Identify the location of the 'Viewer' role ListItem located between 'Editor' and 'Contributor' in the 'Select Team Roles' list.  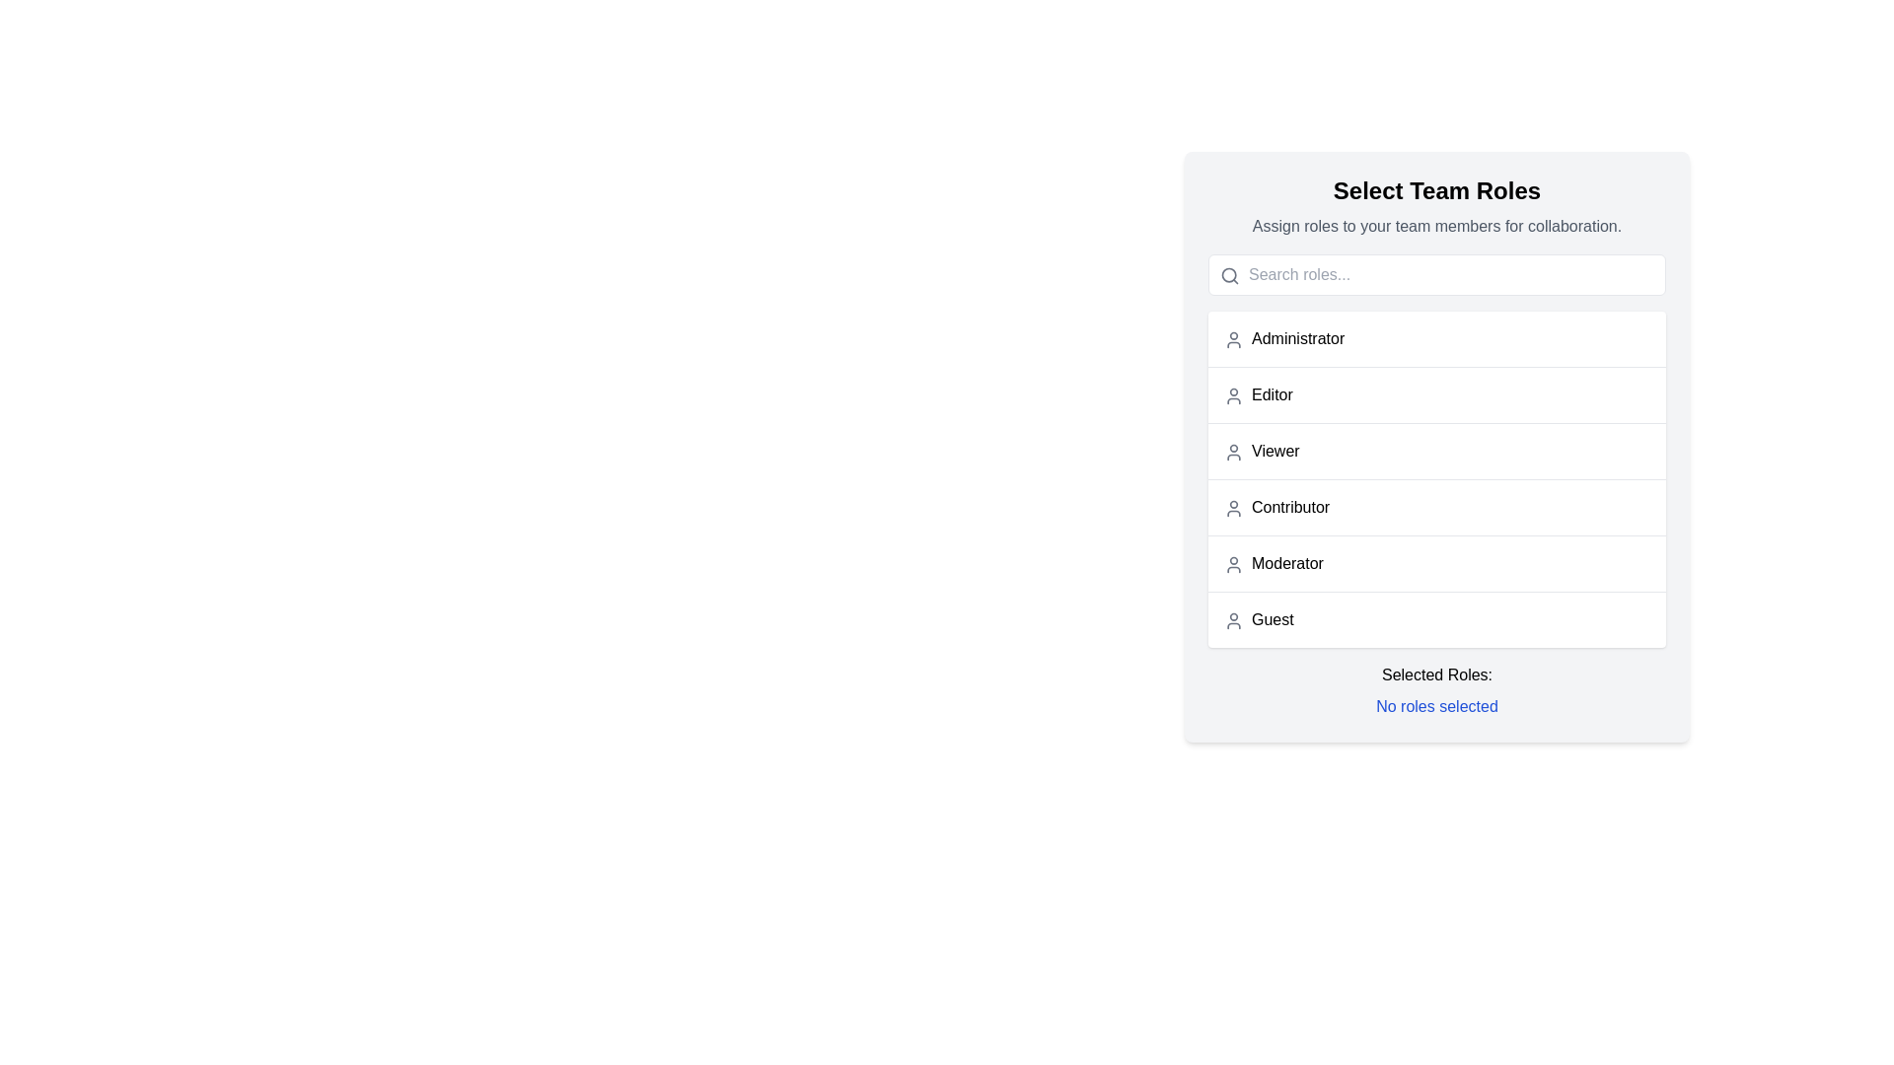
(1261, 452).